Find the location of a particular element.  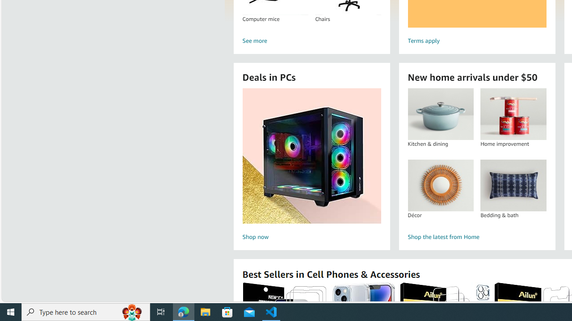

'Deals in PCs Shop now' is located at coordinates (311, 165).